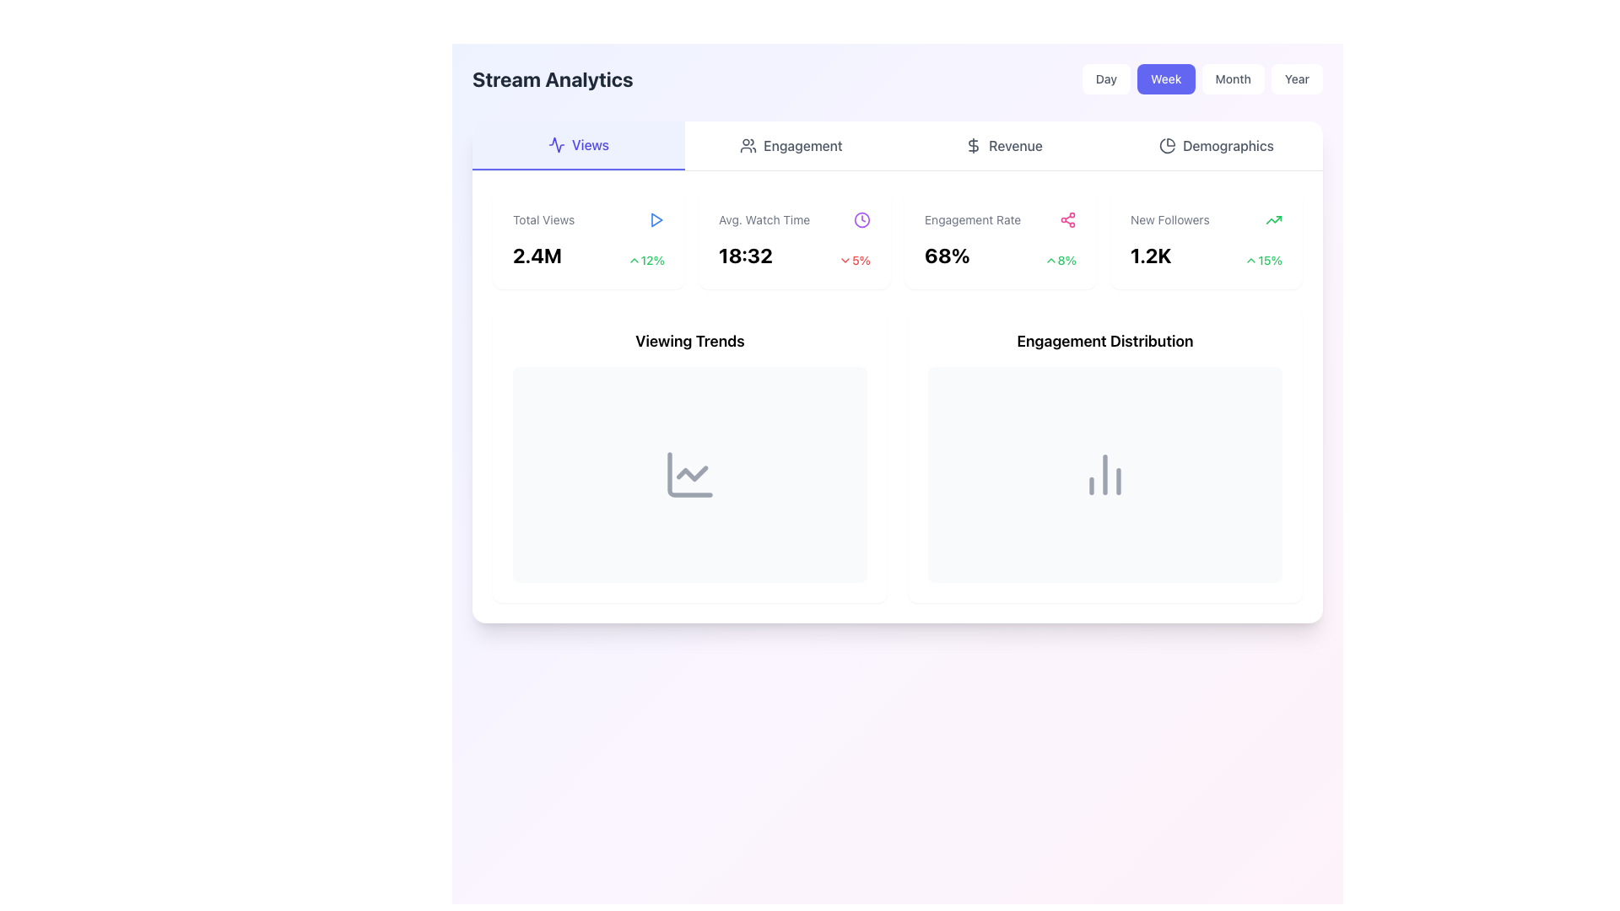 The image size is (1620, 911). Describe the element at coordinates (1004, 145) in the screenshot. I see `the third tab` at that location.